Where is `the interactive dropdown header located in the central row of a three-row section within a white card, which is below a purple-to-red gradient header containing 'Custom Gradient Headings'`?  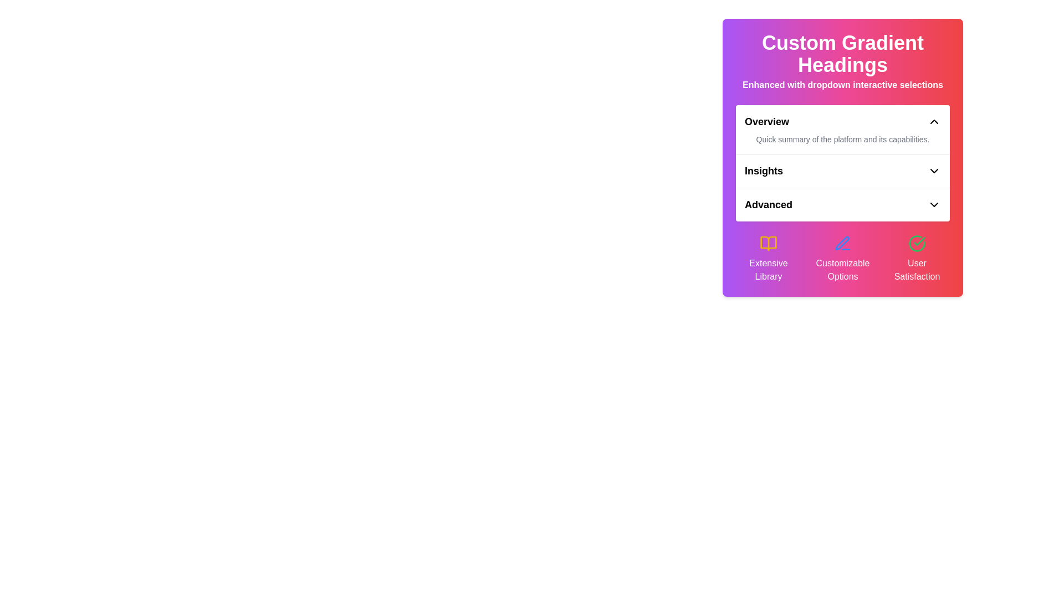 the interactive dropdown header located in the central row of a three-row section within a white card, which is below a purple-to-red gradient header containing 'Custom Gradient Headings' is located at coordinates (842, 163).